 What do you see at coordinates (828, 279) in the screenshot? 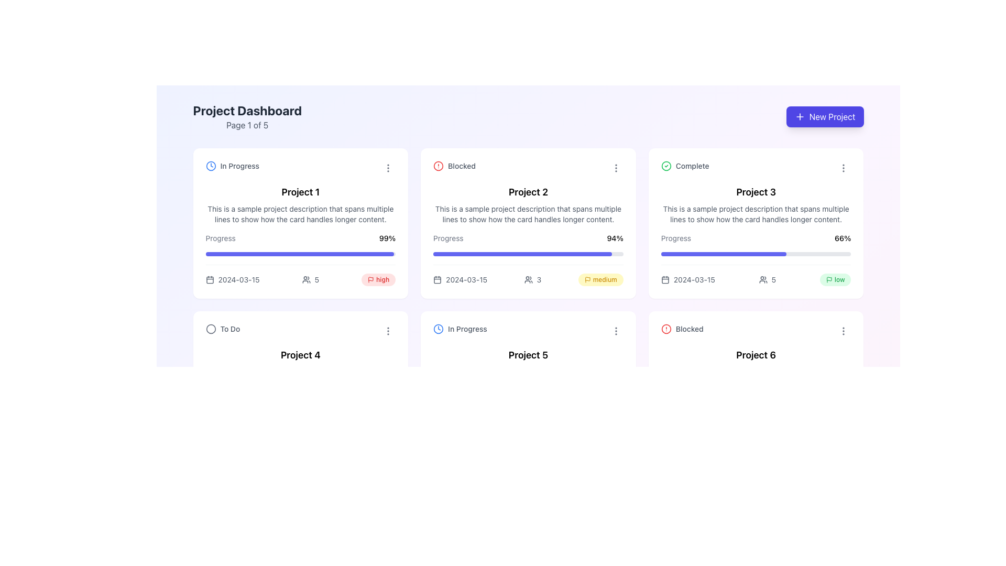
I see `the status icon indicating 'low' located in the bottom-right corner of the 'Project 3' card` at bounding box center [828, 279].